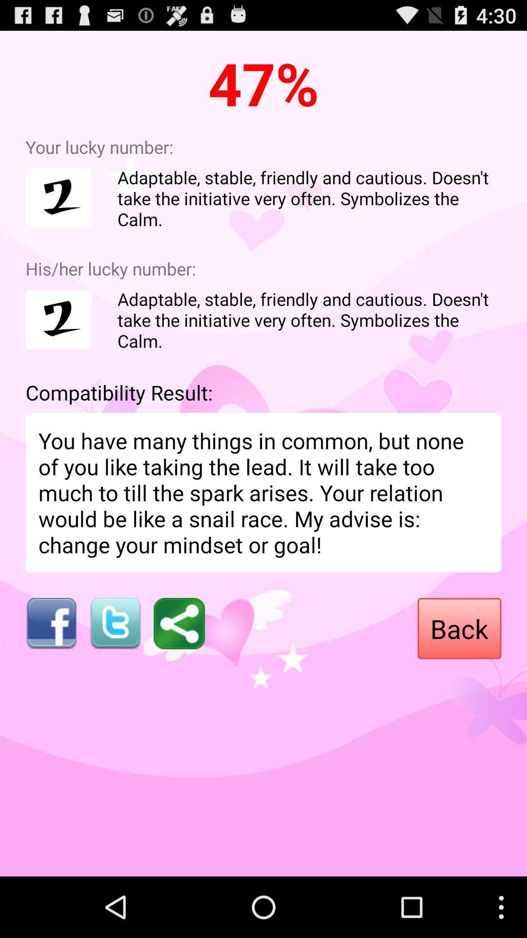 Image resolution: width=527 pixels, height=938 pixels. What do you see at coordinates (115, 667) in the screenshot?
I see `the twitter icon` at bounding box center [115, 667].